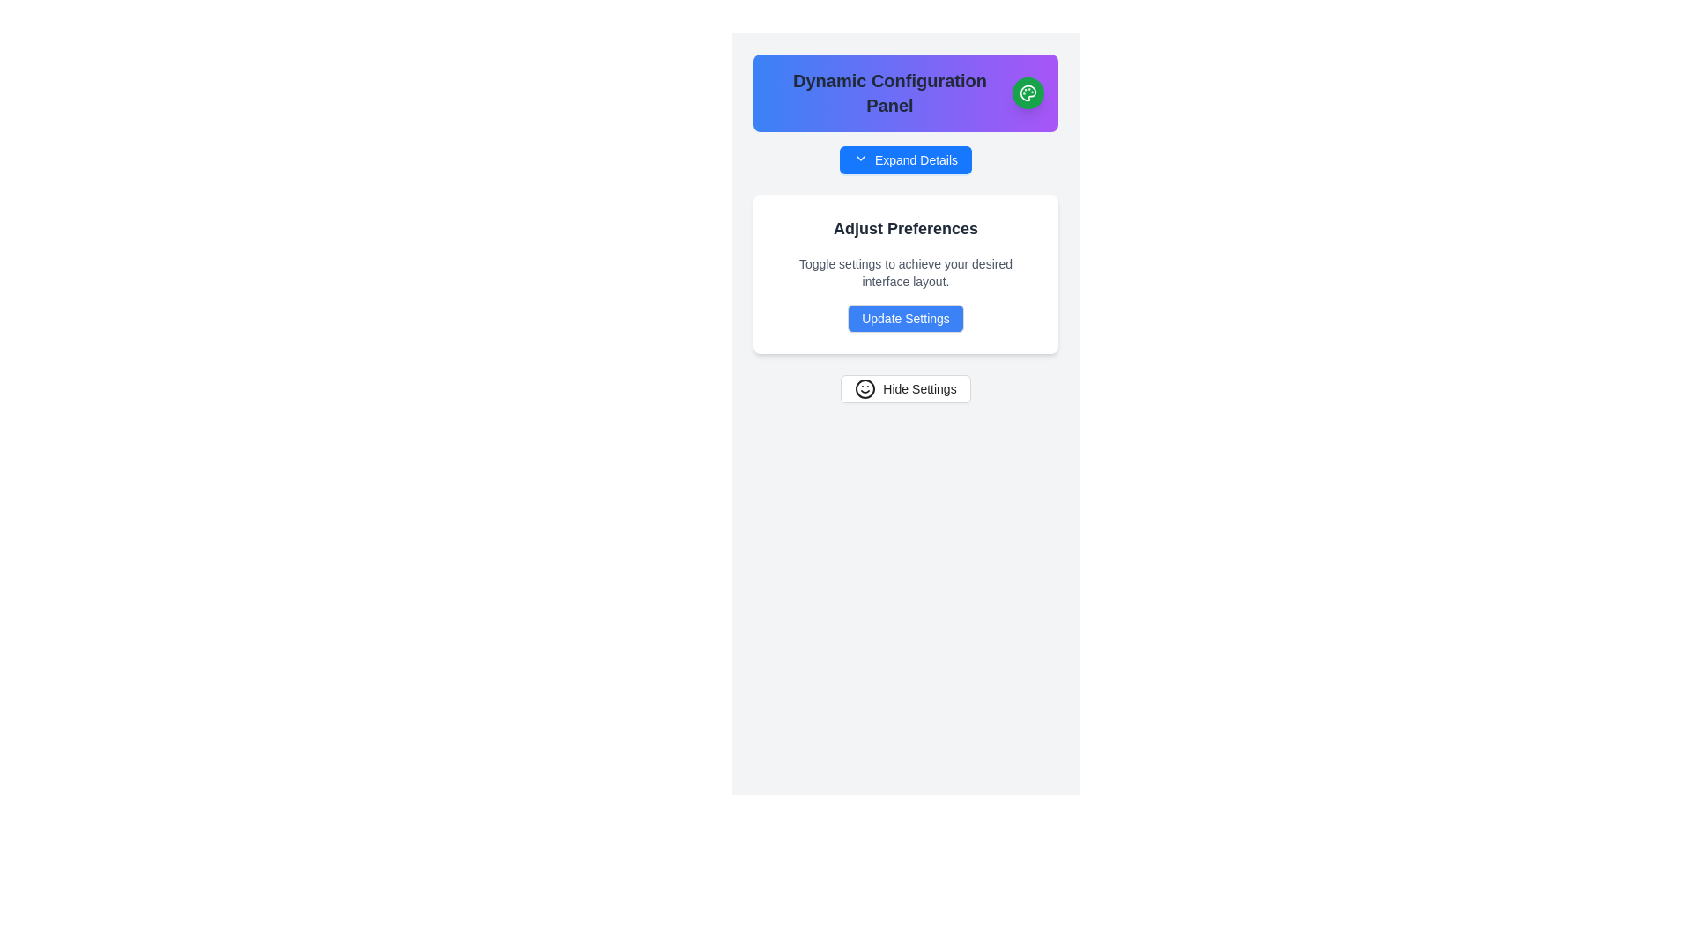 The width and height of the screenshot is (1692, 951). What do you see at coordinates (905, 92) in the screenshot?
I see `descriptive text from the header element labeled 'Dynamic Configuration Panel' which is positioned at the top of the interface` at bounding box center [905, 92].